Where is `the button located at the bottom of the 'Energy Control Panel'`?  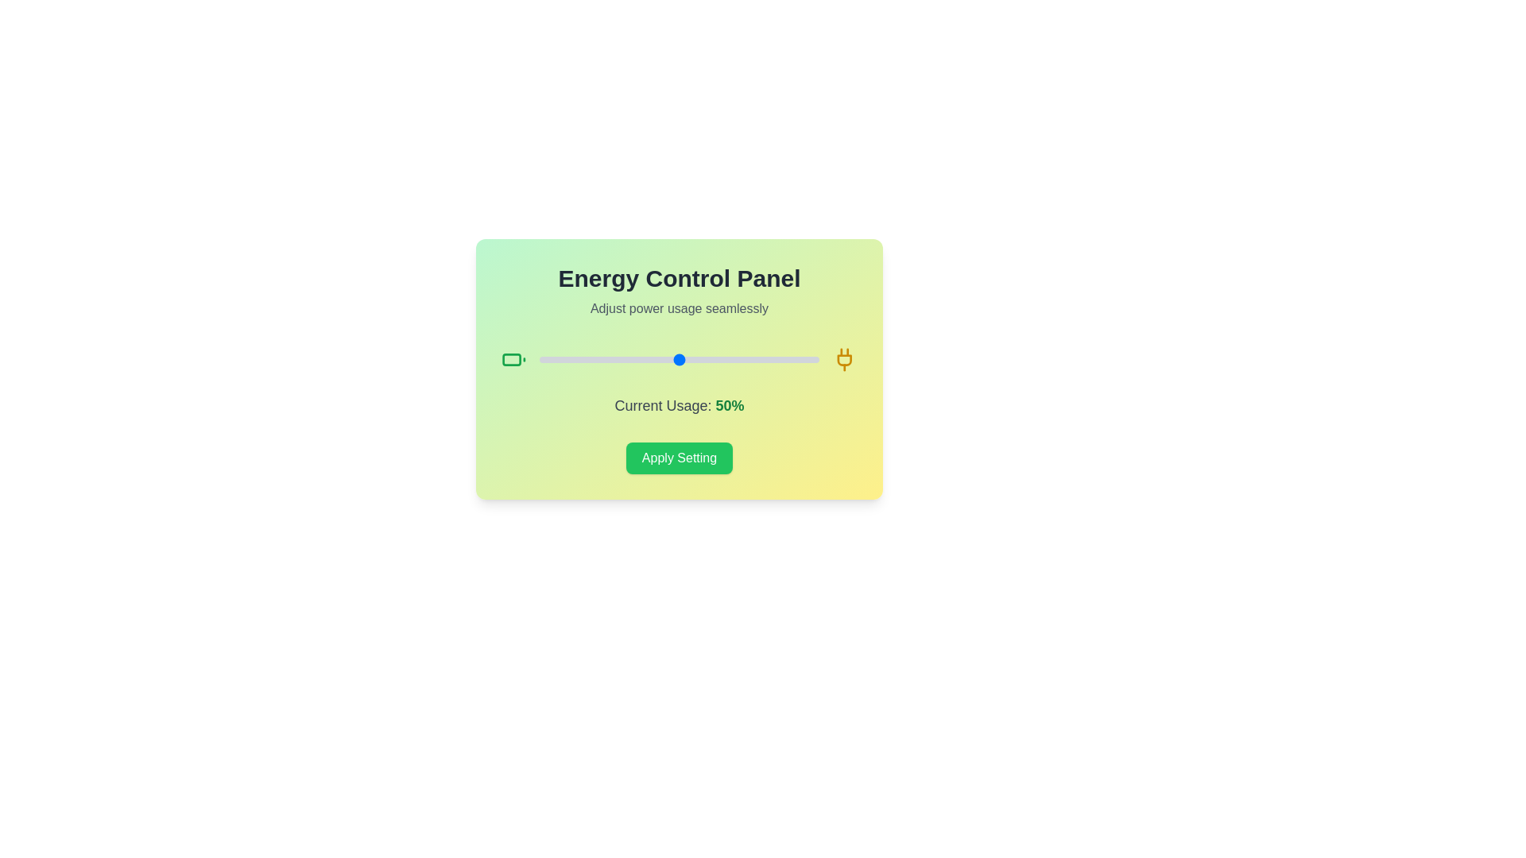
the button located at the bottom of the 'Energy Control Panel' is located at coordinates (679, 458).